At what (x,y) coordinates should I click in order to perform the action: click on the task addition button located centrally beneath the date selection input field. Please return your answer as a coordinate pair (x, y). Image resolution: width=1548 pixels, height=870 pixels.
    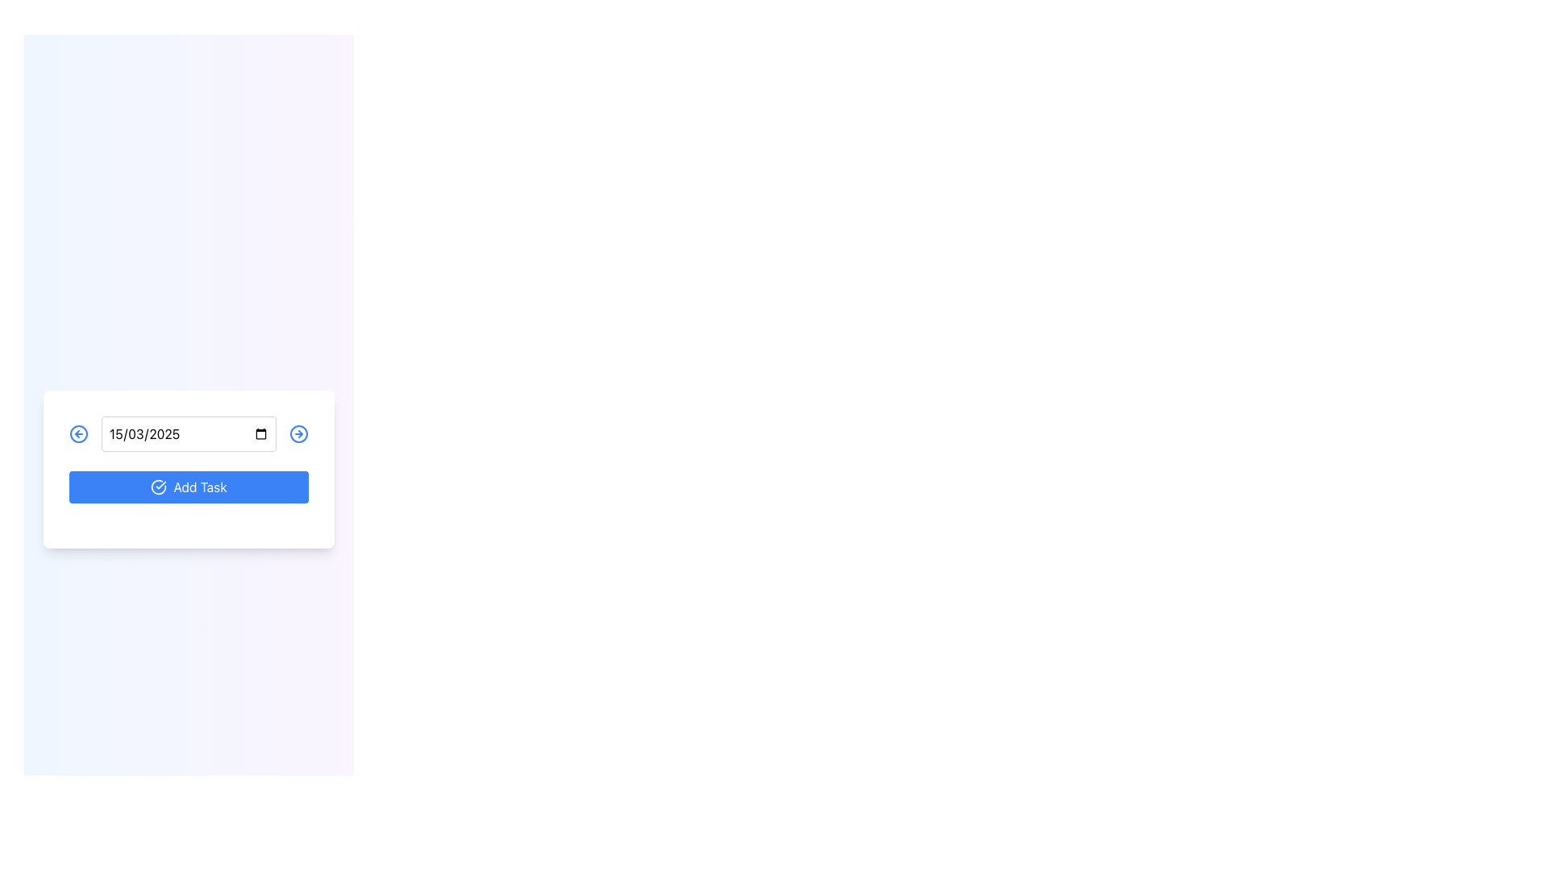
    Looking at the image, I should click on (189, 469).